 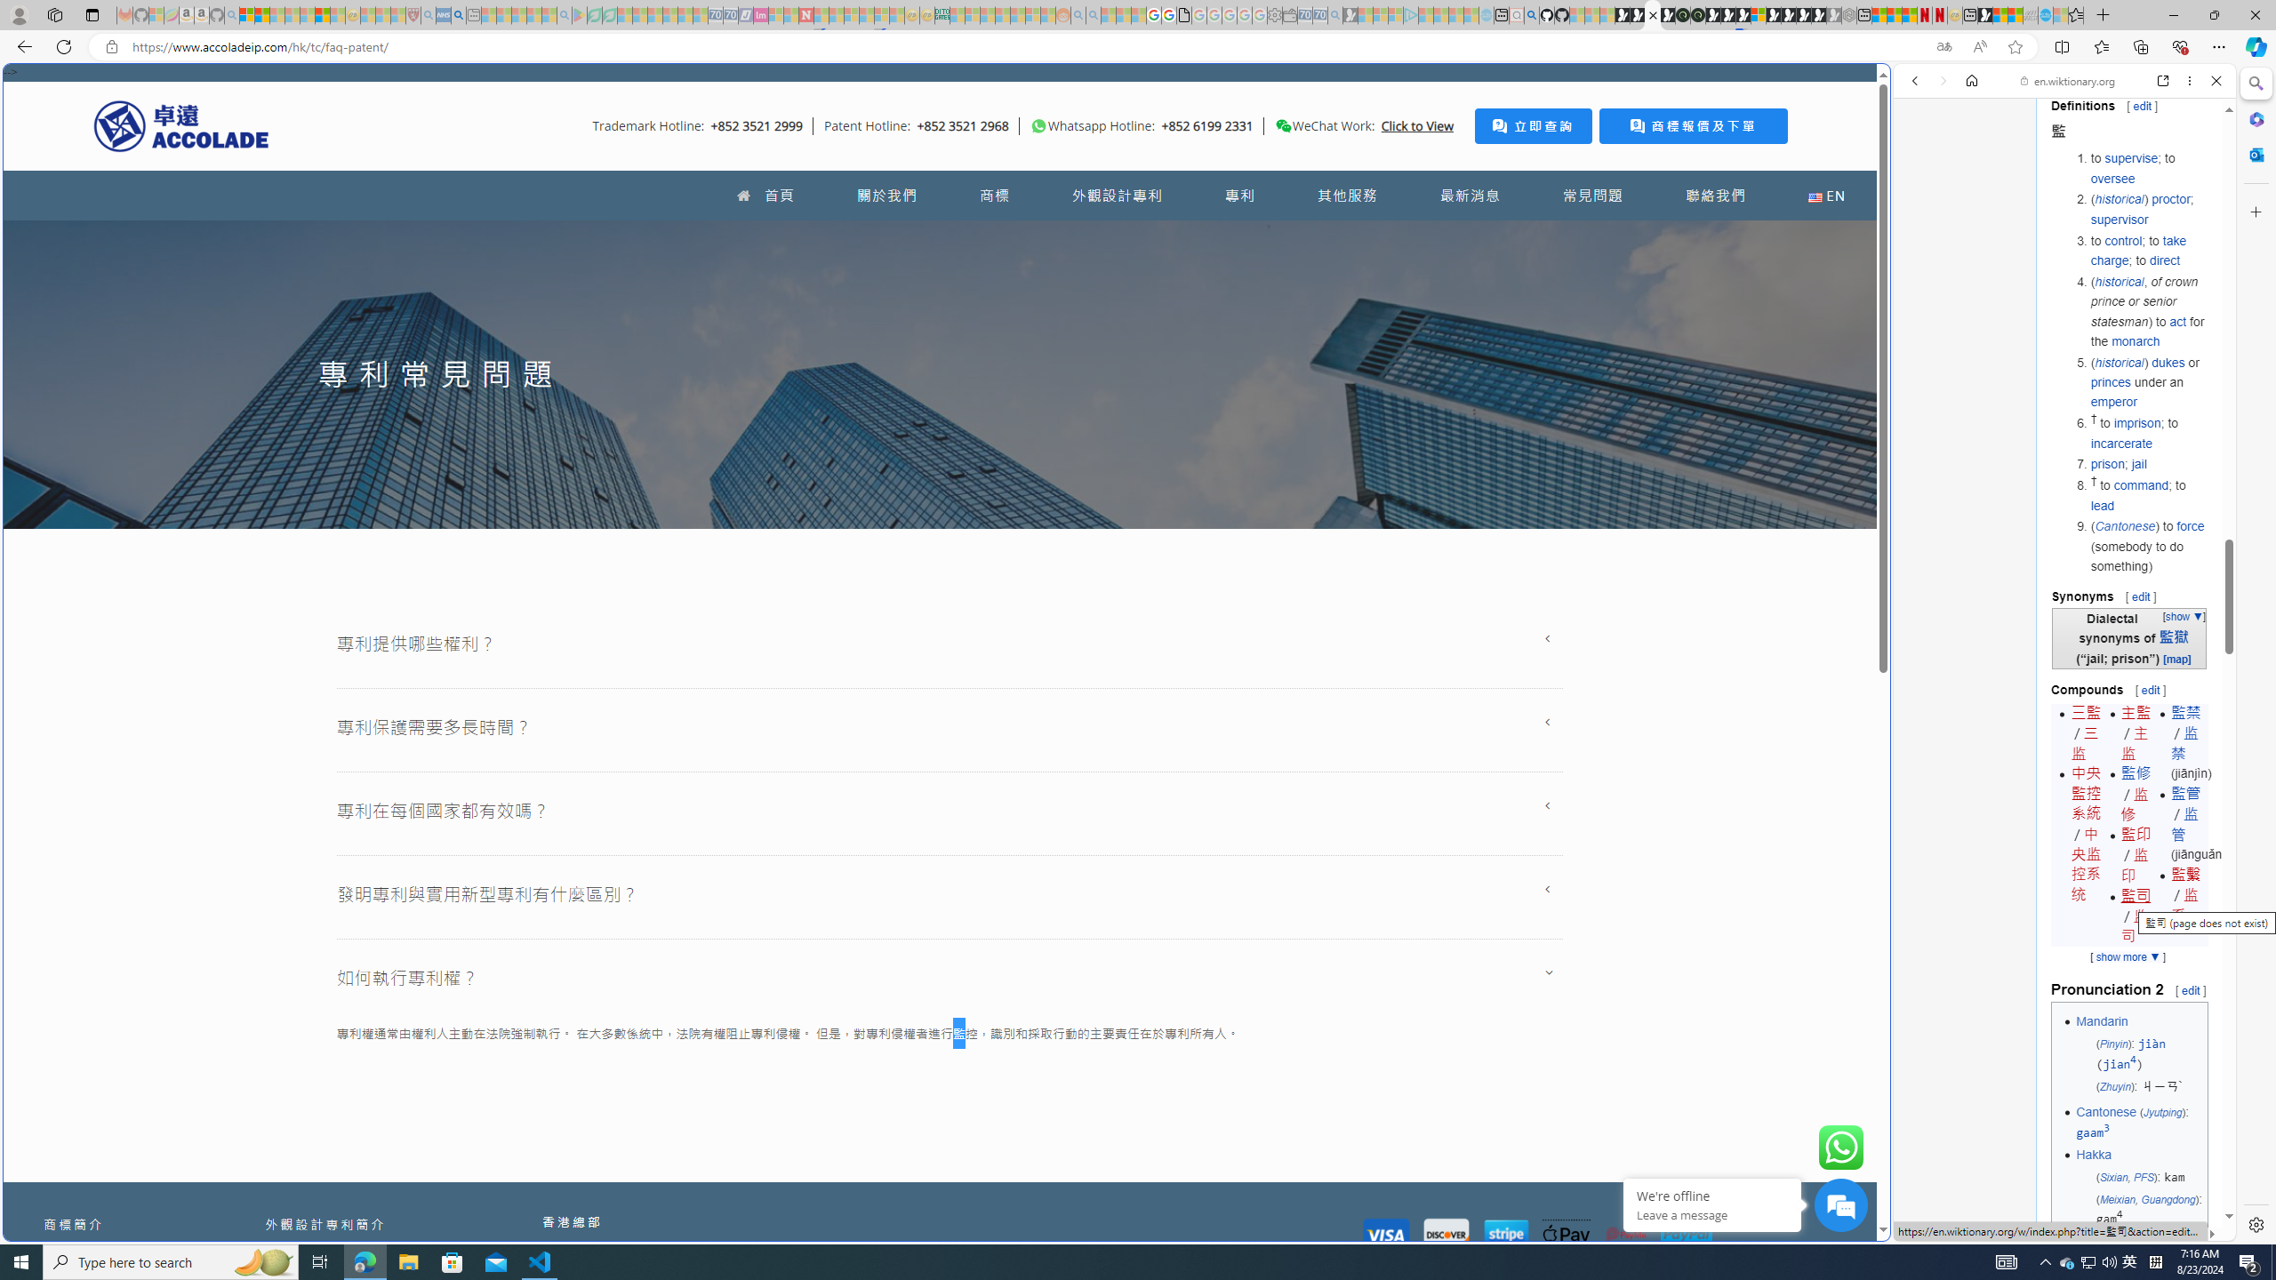 What do you see at coordinates (2218, 45) in the screenshot?
I see `'Settings and more (Alt+F)'` at bounding box center [2218, 45].